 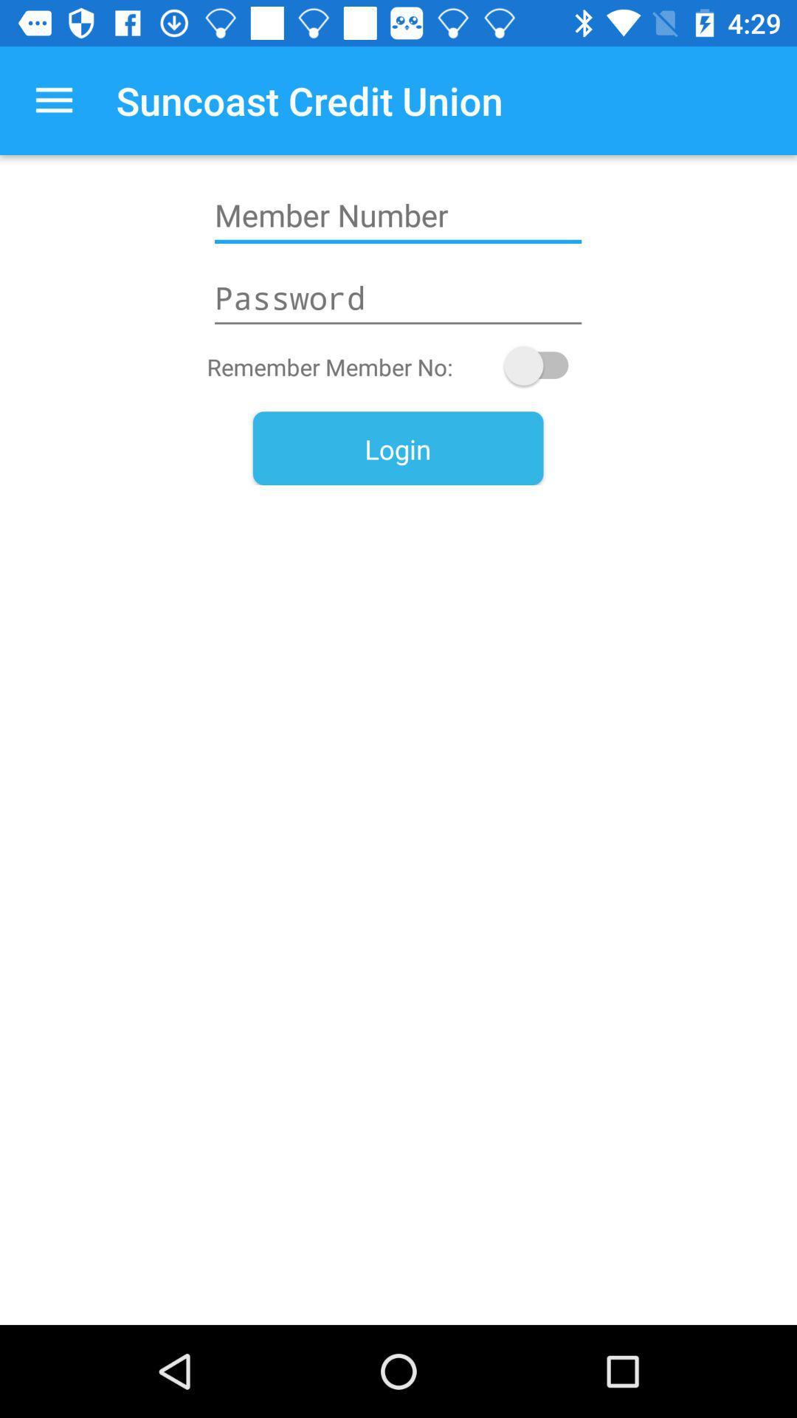 What do you see at coordinates (543, 366) in the screenshot?
I see `icon above the login` at bounding box center [543, 366].